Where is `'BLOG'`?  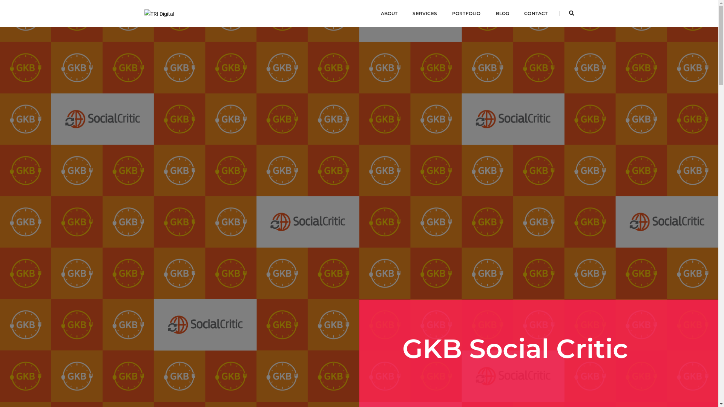 'BLOG' is located at coordinates (495, 13).